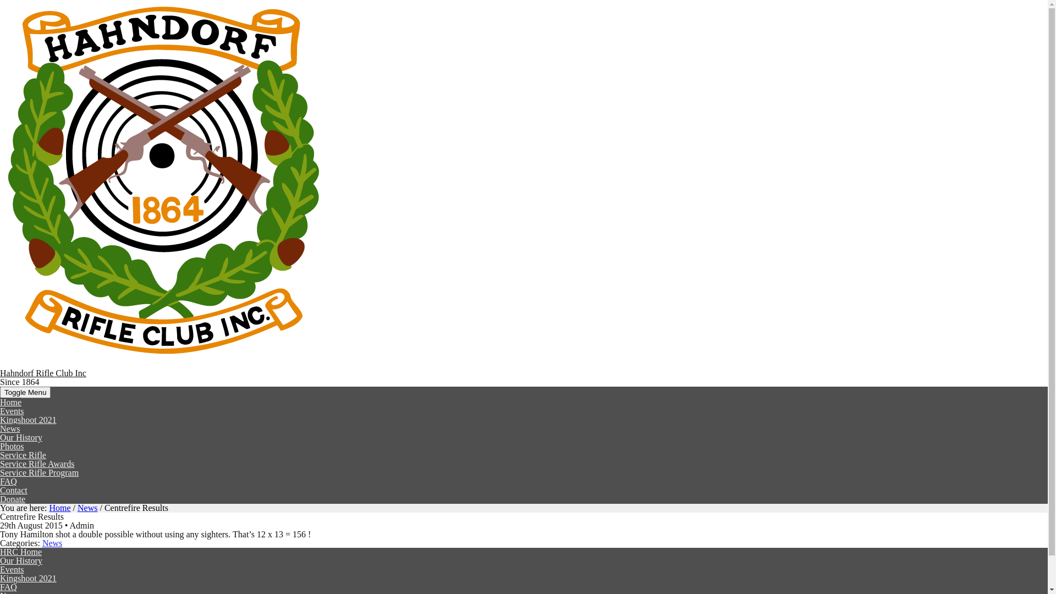 This screenshot has height=594, width=1056. Describe the element at coordinates (21, 552) in the screenshot. I see `'HRC Home'` at that location.